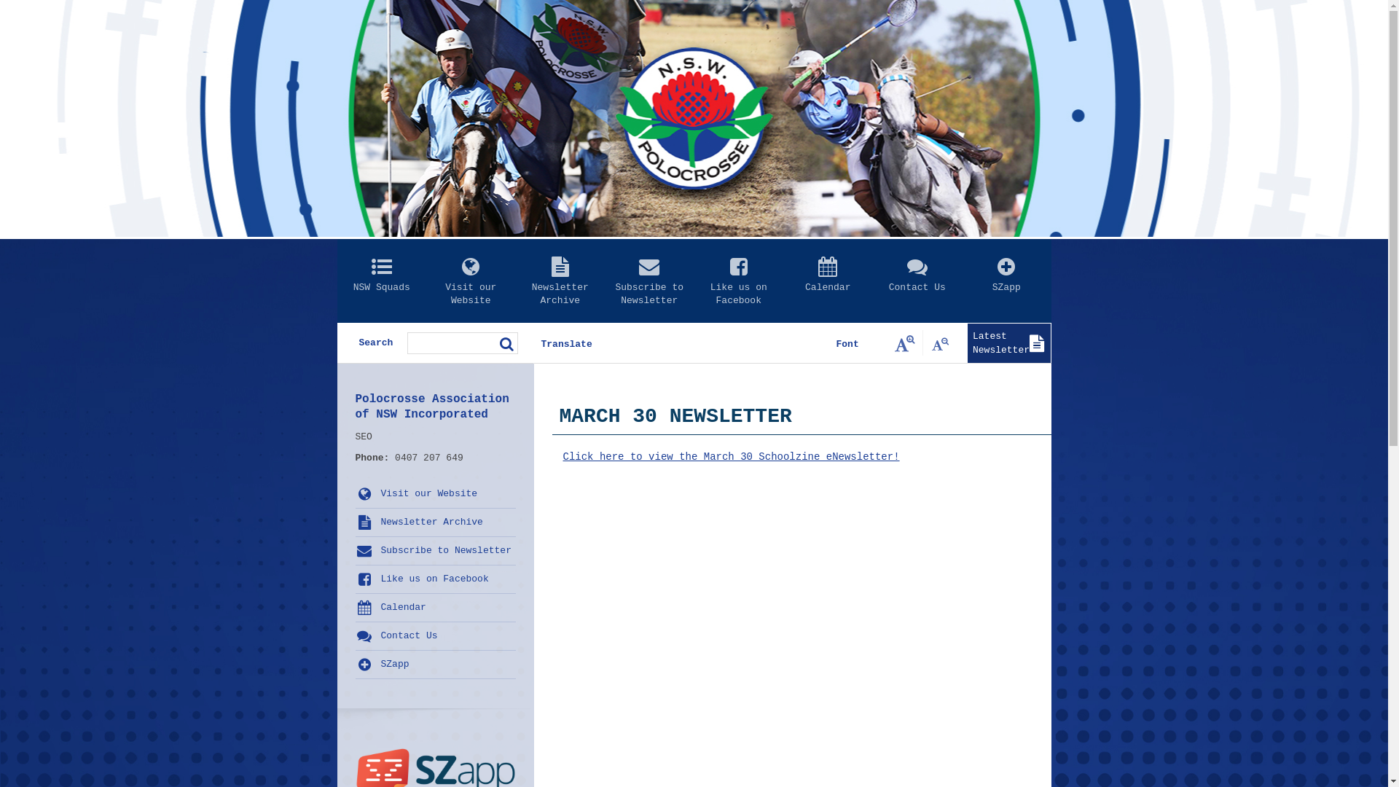  What do you see at coordinates (435, 578) in the screenshot?
I see `'Like us on Facebook'` at bounding box center [435, 578].